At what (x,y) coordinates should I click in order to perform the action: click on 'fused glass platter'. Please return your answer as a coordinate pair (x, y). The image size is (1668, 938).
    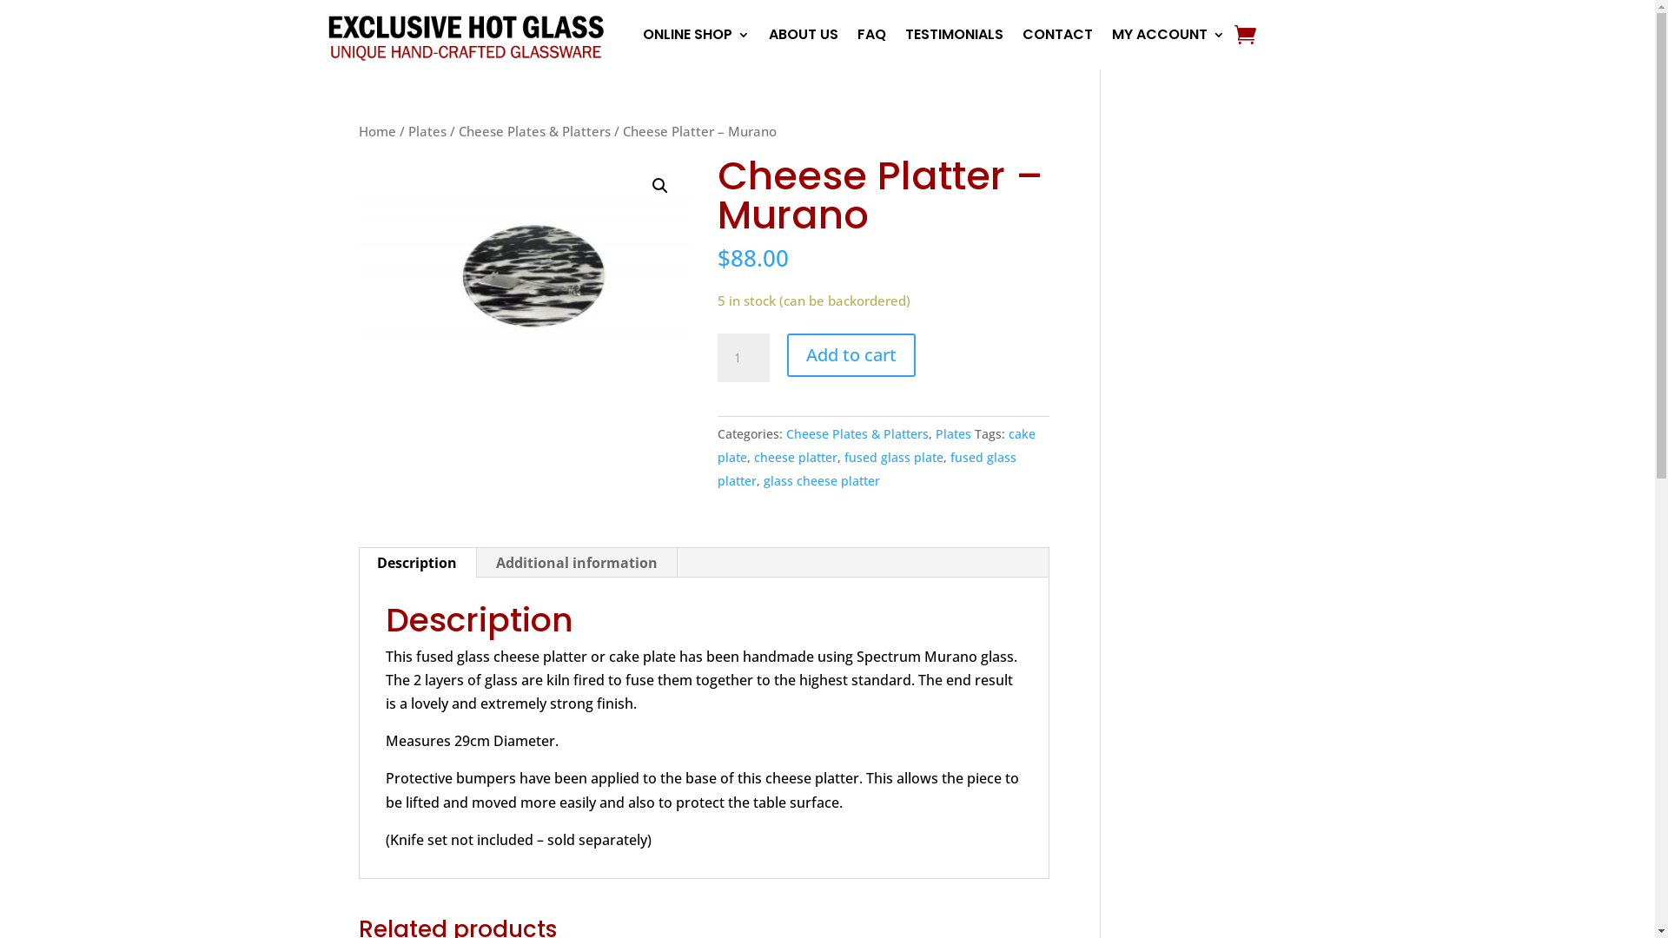
    Looking at the image, I should click on (867, 469).